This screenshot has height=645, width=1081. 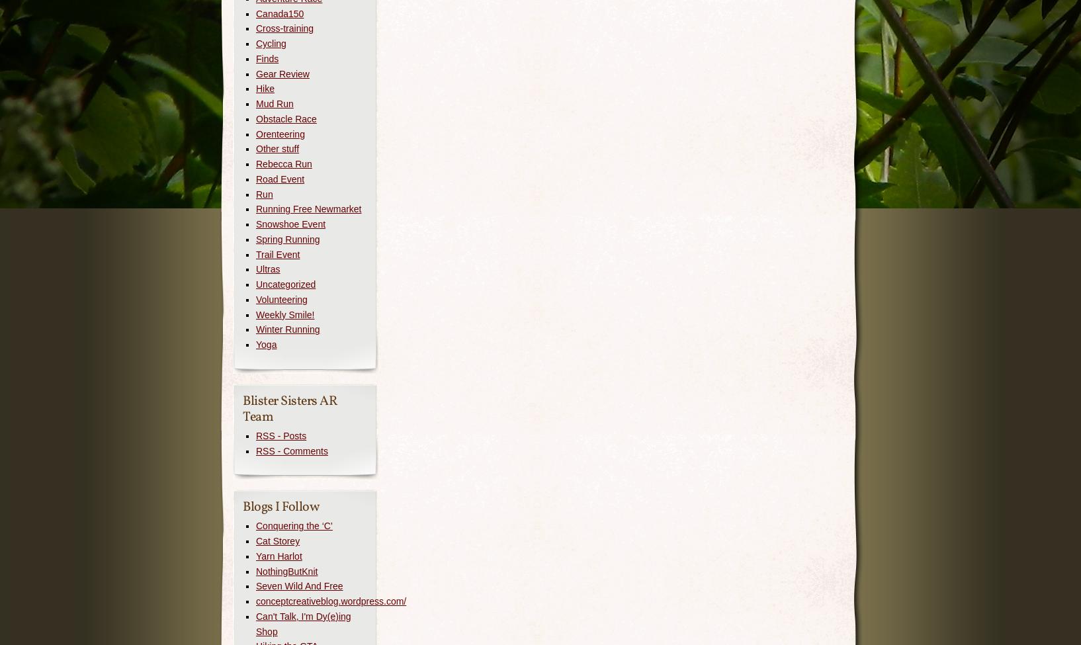 What do you see at coordinates (290, 224) in the screenshot?
I see `'Snowshoe Event'` at bounding box center [290, 224].